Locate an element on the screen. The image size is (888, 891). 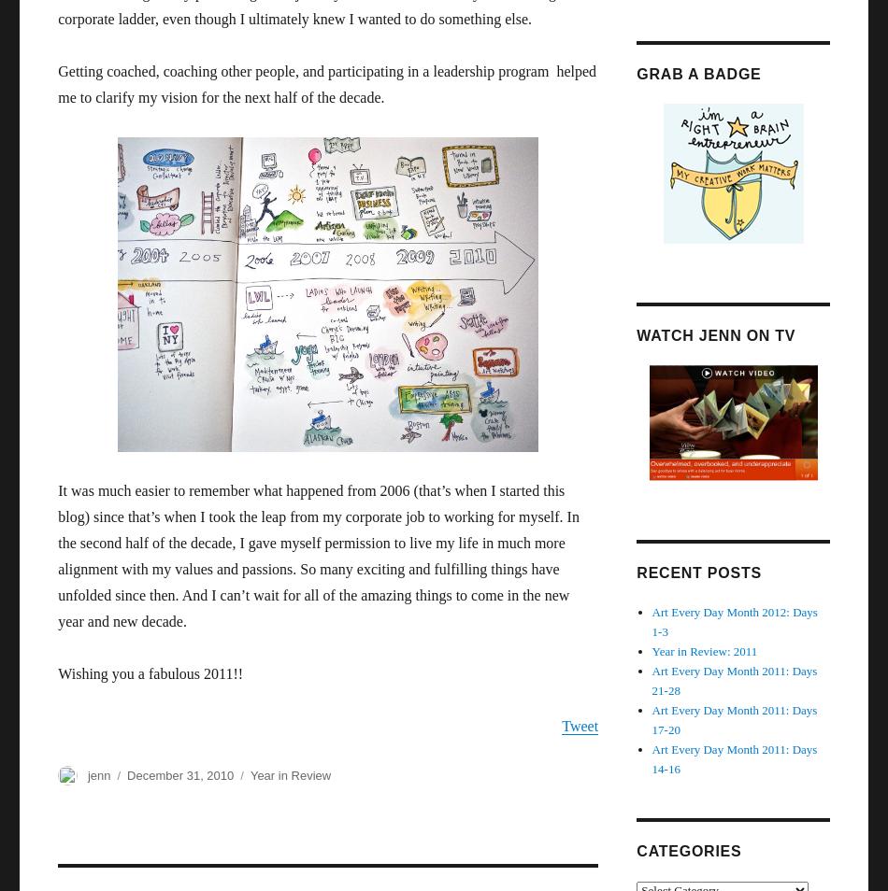
'Wishing you a fabulous 2011!!' is located at coordinates (150, 673).